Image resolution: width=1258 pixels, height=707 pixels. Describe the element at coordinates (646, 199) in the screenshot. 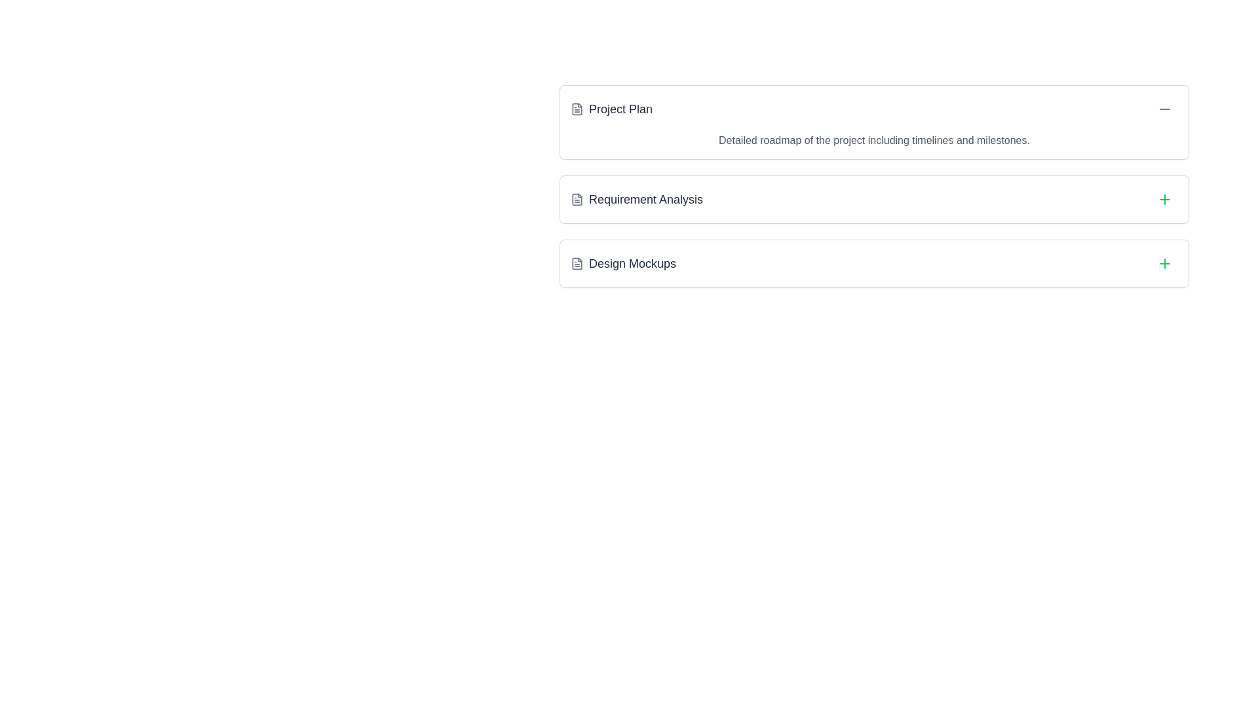

I see `the text label 'Requirement Analysis'` at that location.